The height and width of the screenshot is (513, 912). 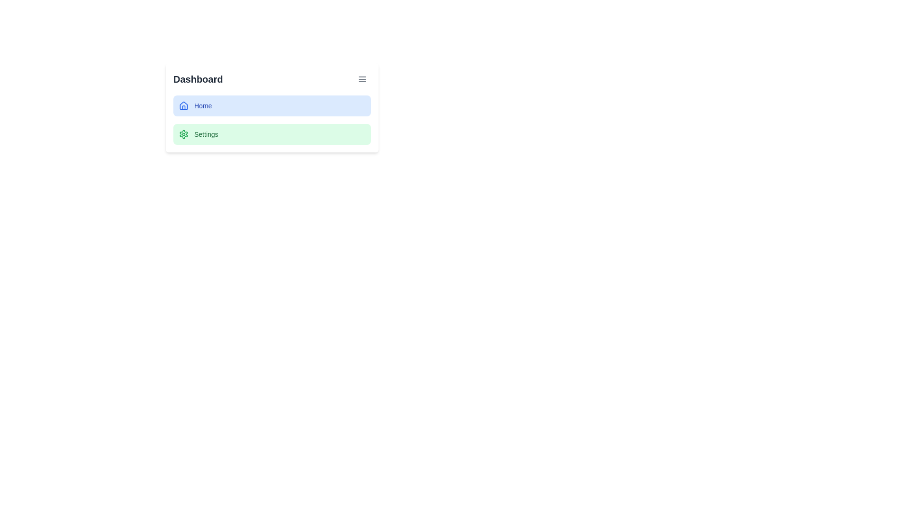 What do you see at coordinates (271, 134) in the screenshot?
I see `the 'Settings' navigation button located at the bottom of the vertical grid layout for keyboard navigation` at bounding box center [271, 134].